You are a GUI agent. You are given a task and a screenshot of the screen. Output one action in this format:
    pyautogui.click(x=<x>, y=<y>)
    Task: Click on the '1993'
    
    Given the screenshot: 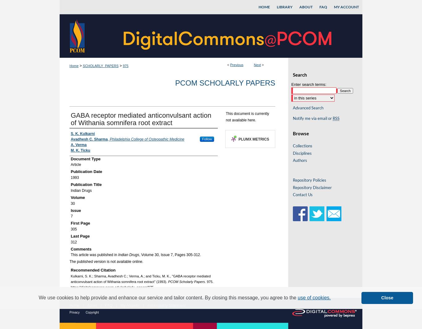 What is the action you would take?
    pyautogui.click(x=75, y=177)
    